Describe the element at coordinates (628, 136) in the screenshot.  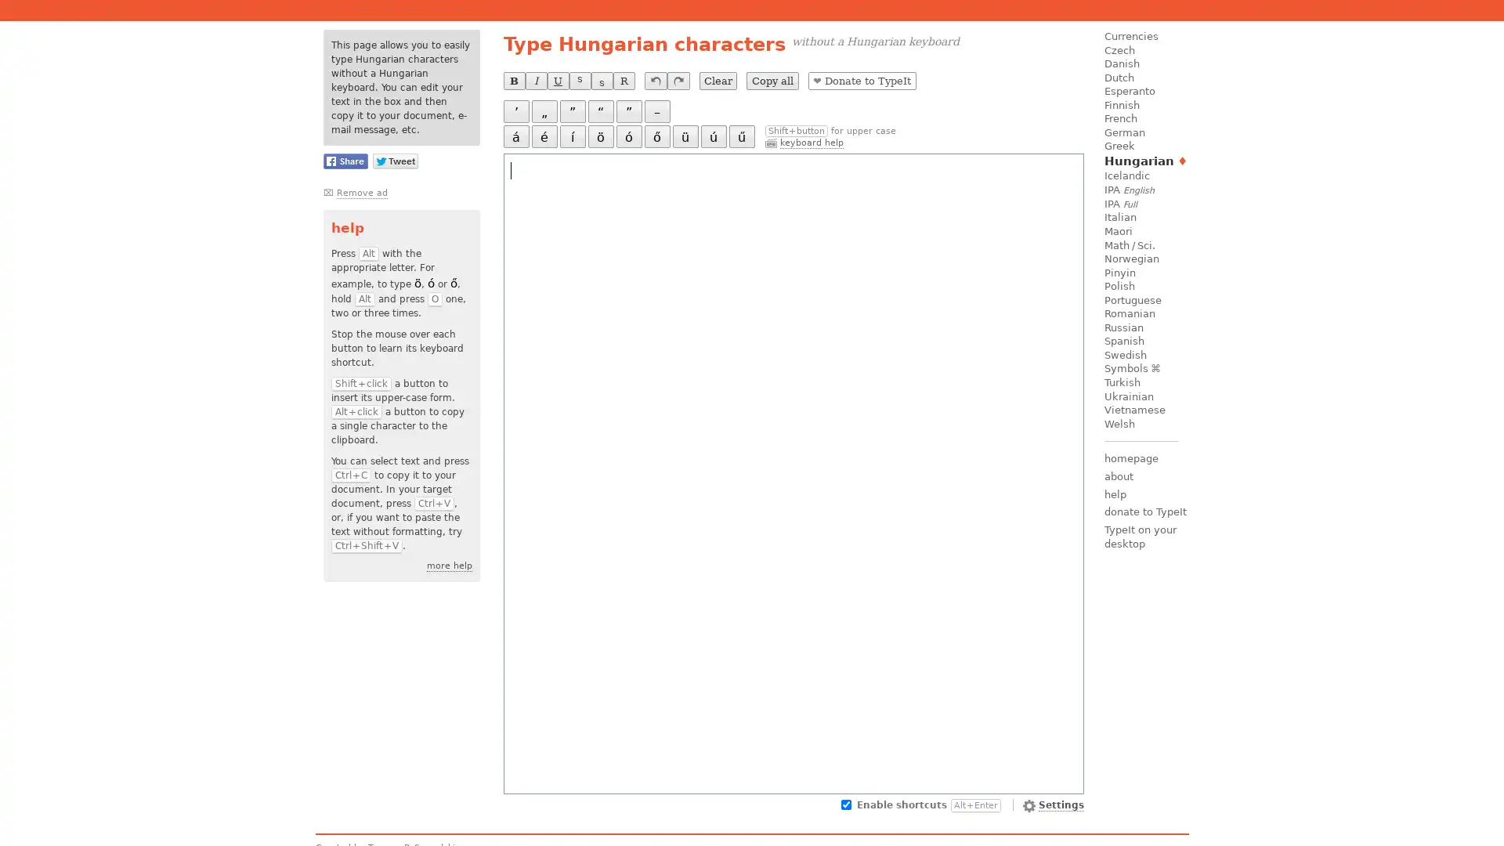
I see `o` at that location.